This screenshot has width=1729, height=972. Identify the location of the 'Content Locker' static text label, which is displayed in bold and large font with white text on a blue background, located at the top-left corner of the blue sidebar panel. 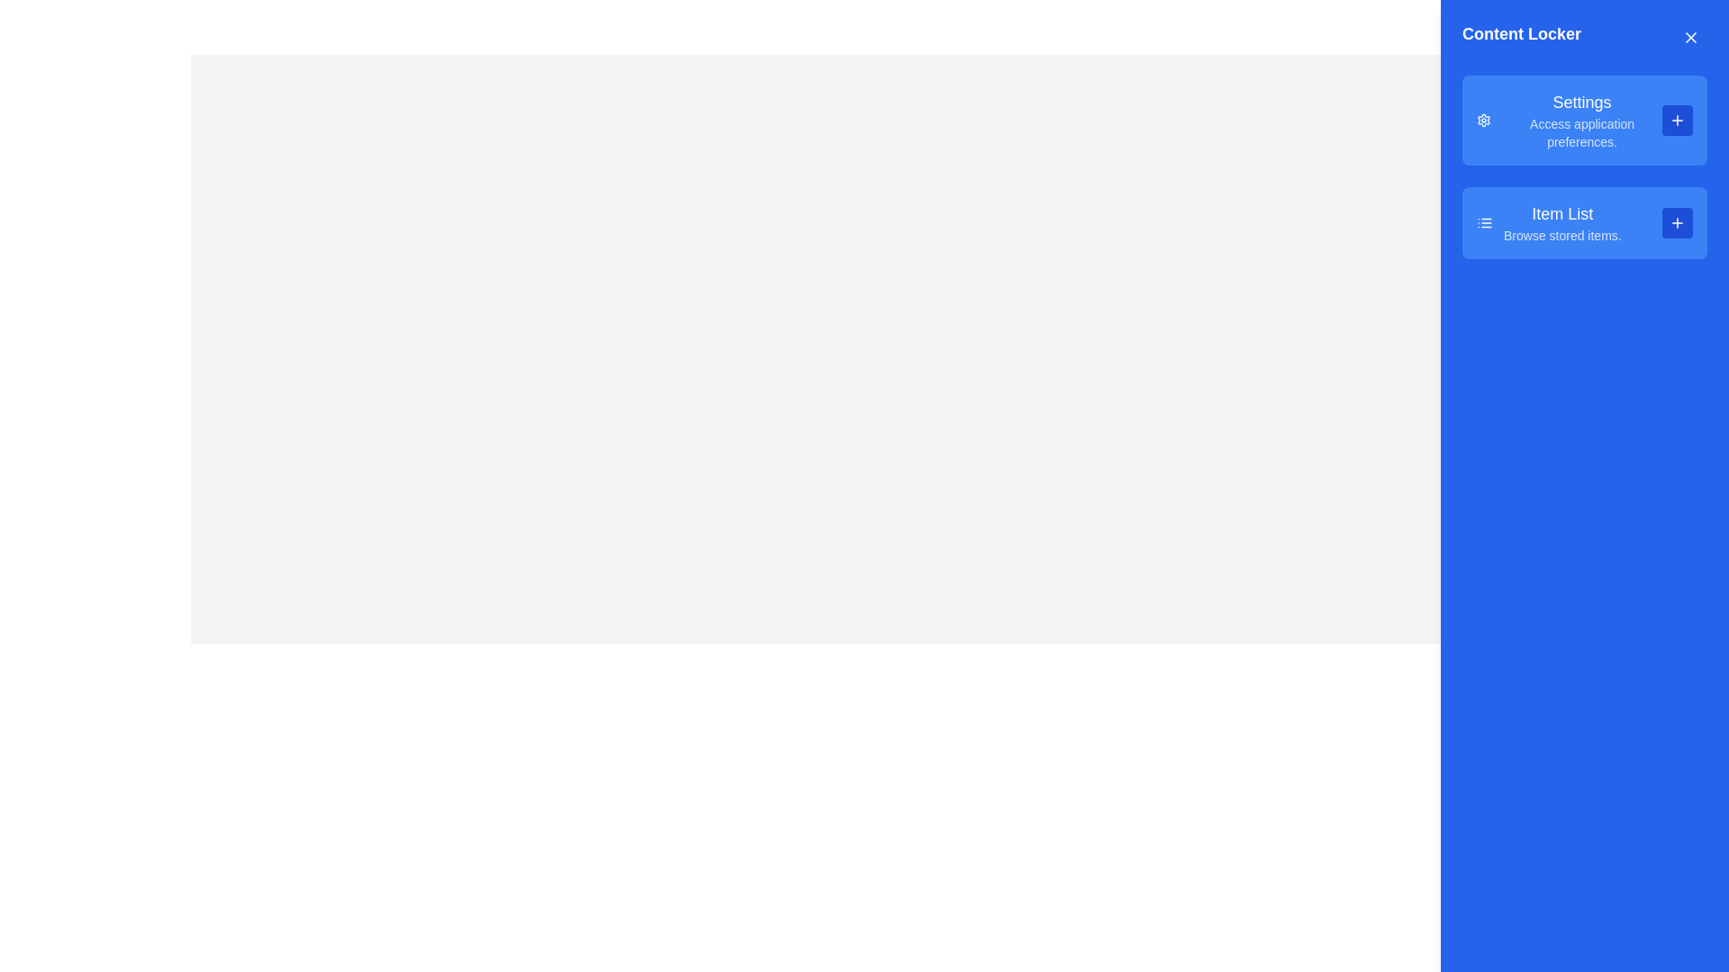
(1520, 38).